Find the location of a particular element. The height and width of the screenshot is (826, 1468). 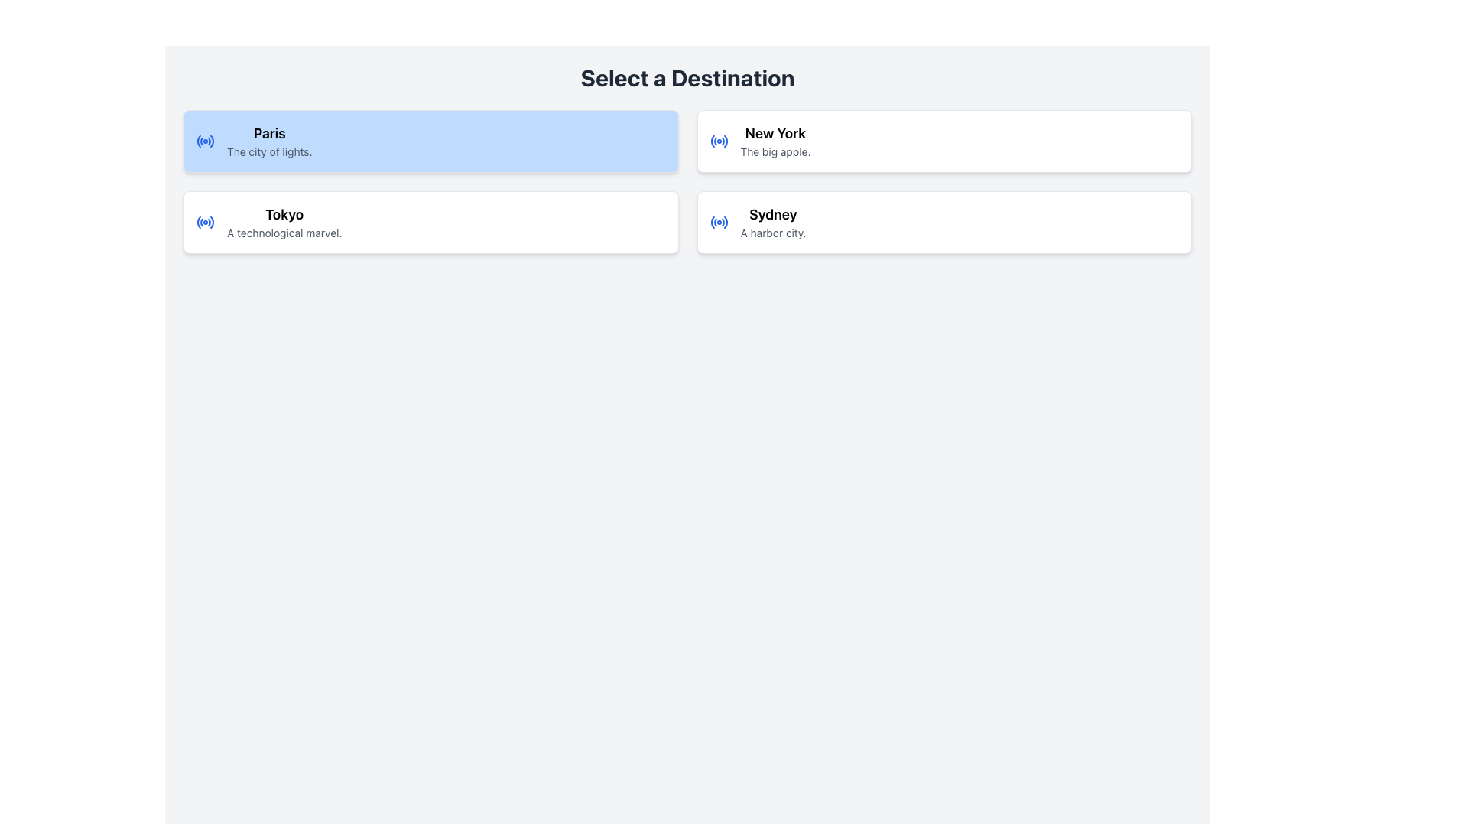

the text label indicating the city name 'New York' which is positioned above the description 'The big apple' in the second column of a grid layout is located at coordinates (775, 132).